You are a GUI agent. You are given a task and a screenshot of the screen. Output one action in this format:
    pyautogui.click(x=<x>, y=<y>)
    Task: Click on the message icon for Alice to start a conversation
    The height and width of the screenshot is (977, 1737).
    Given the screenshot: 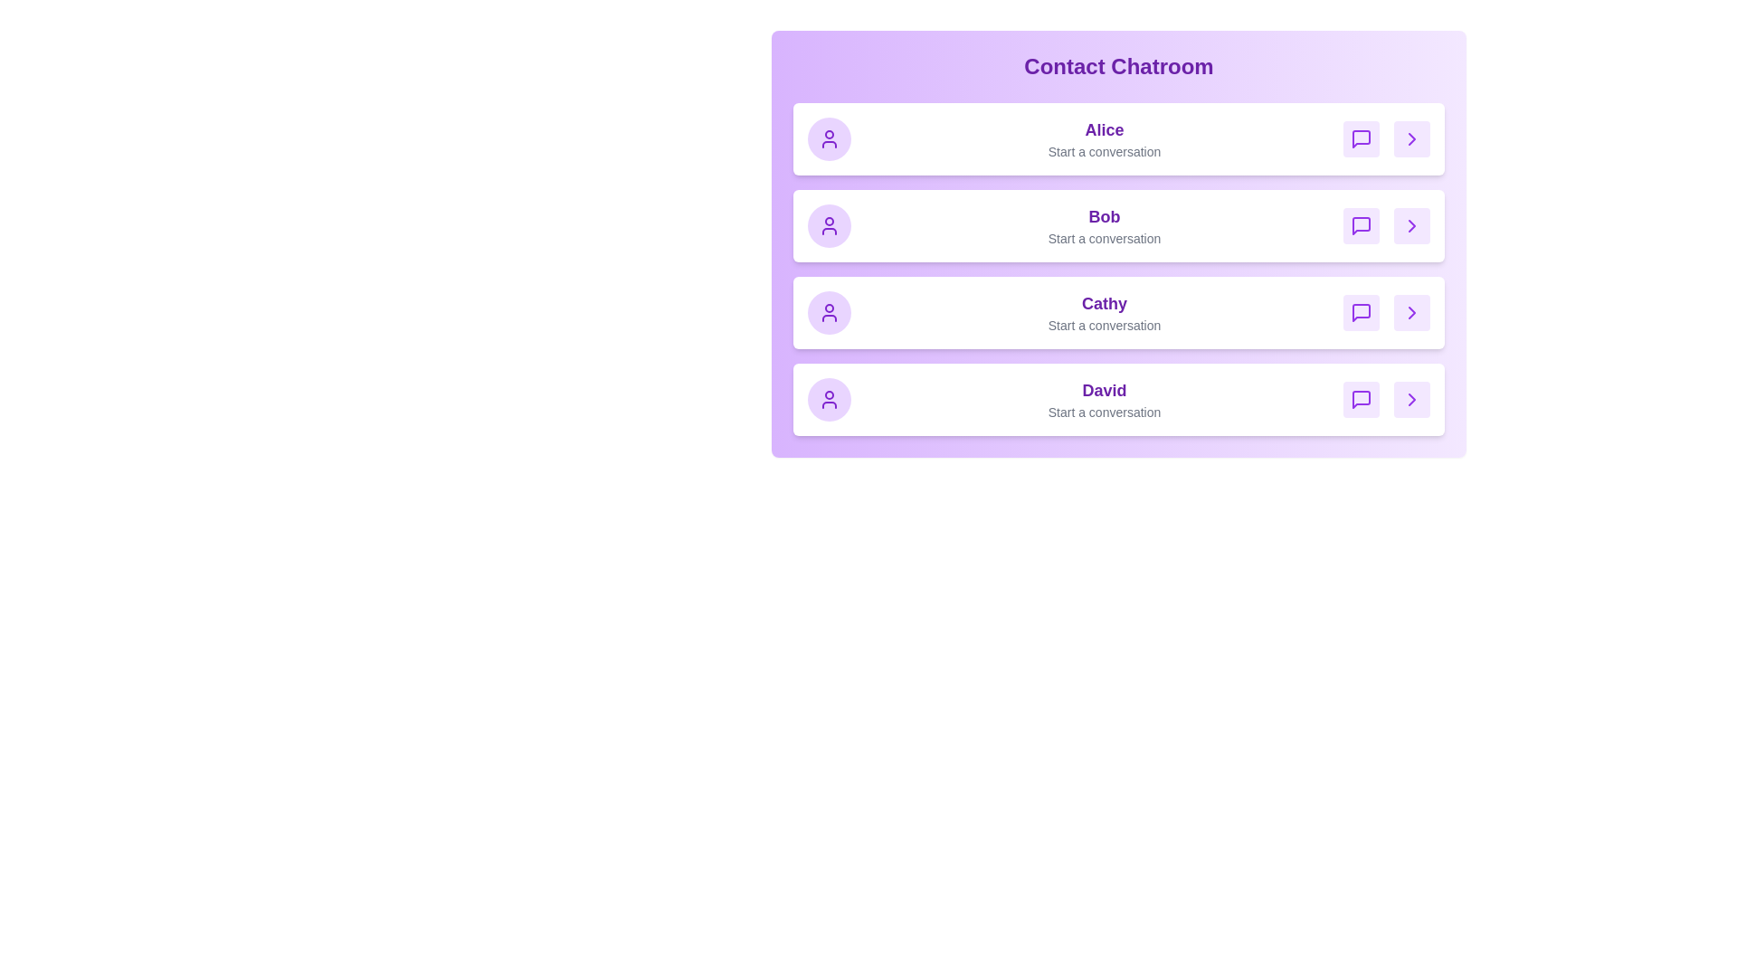 What is the action you would take?
    pyautogui.click(x=1362, y=138)
    